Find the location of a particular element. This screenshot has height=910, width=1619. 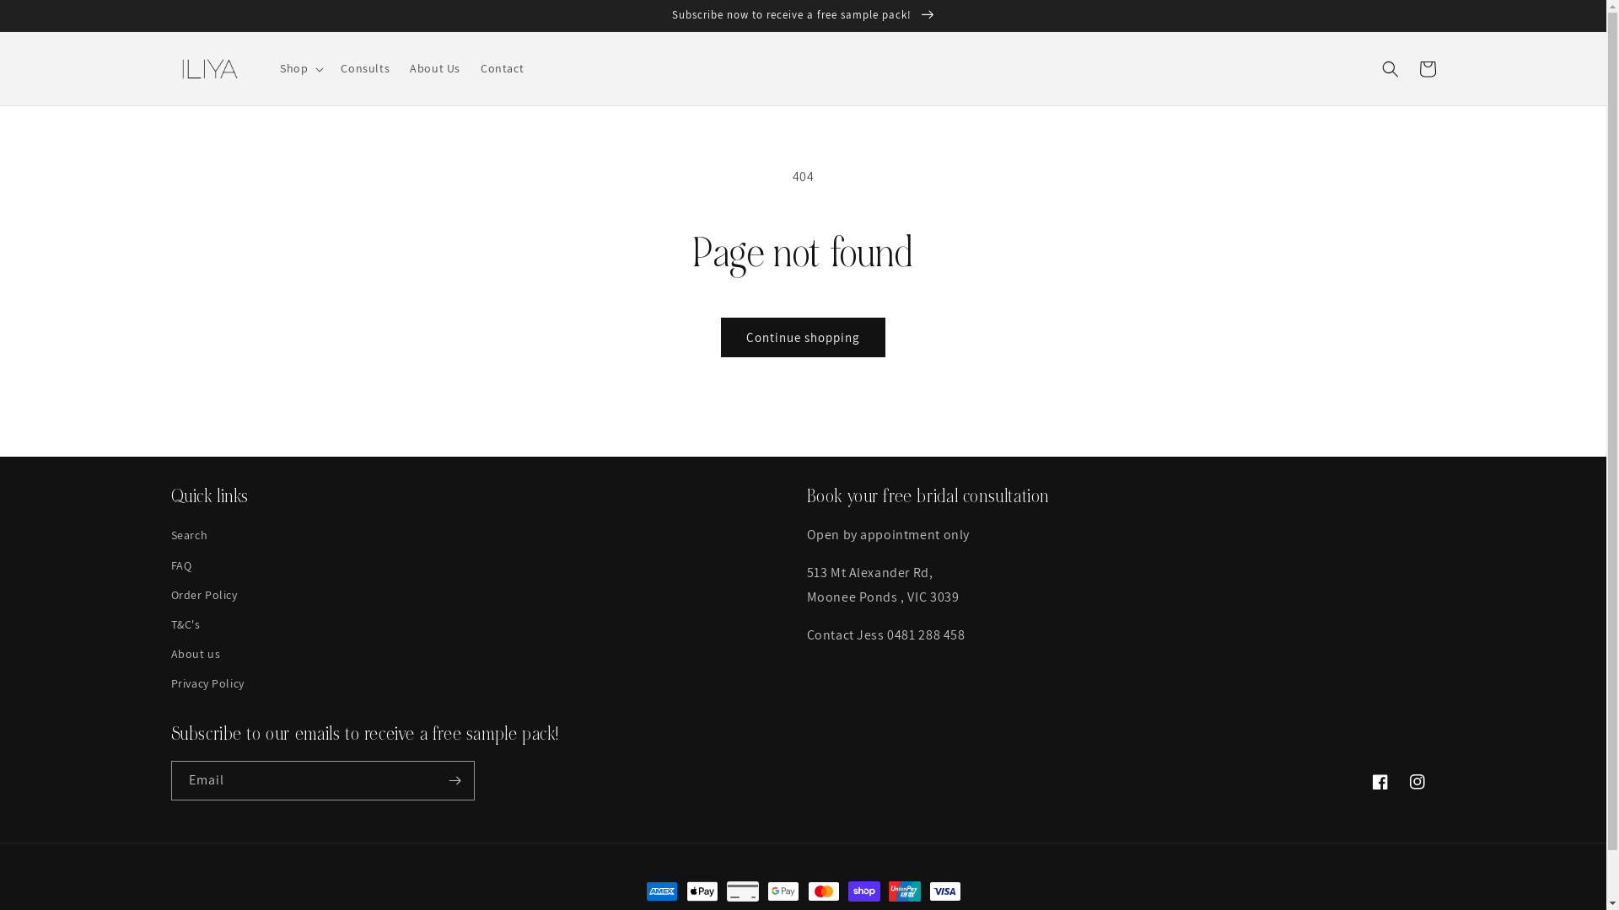

'Order Policy' is located at coordinates (202, 594).